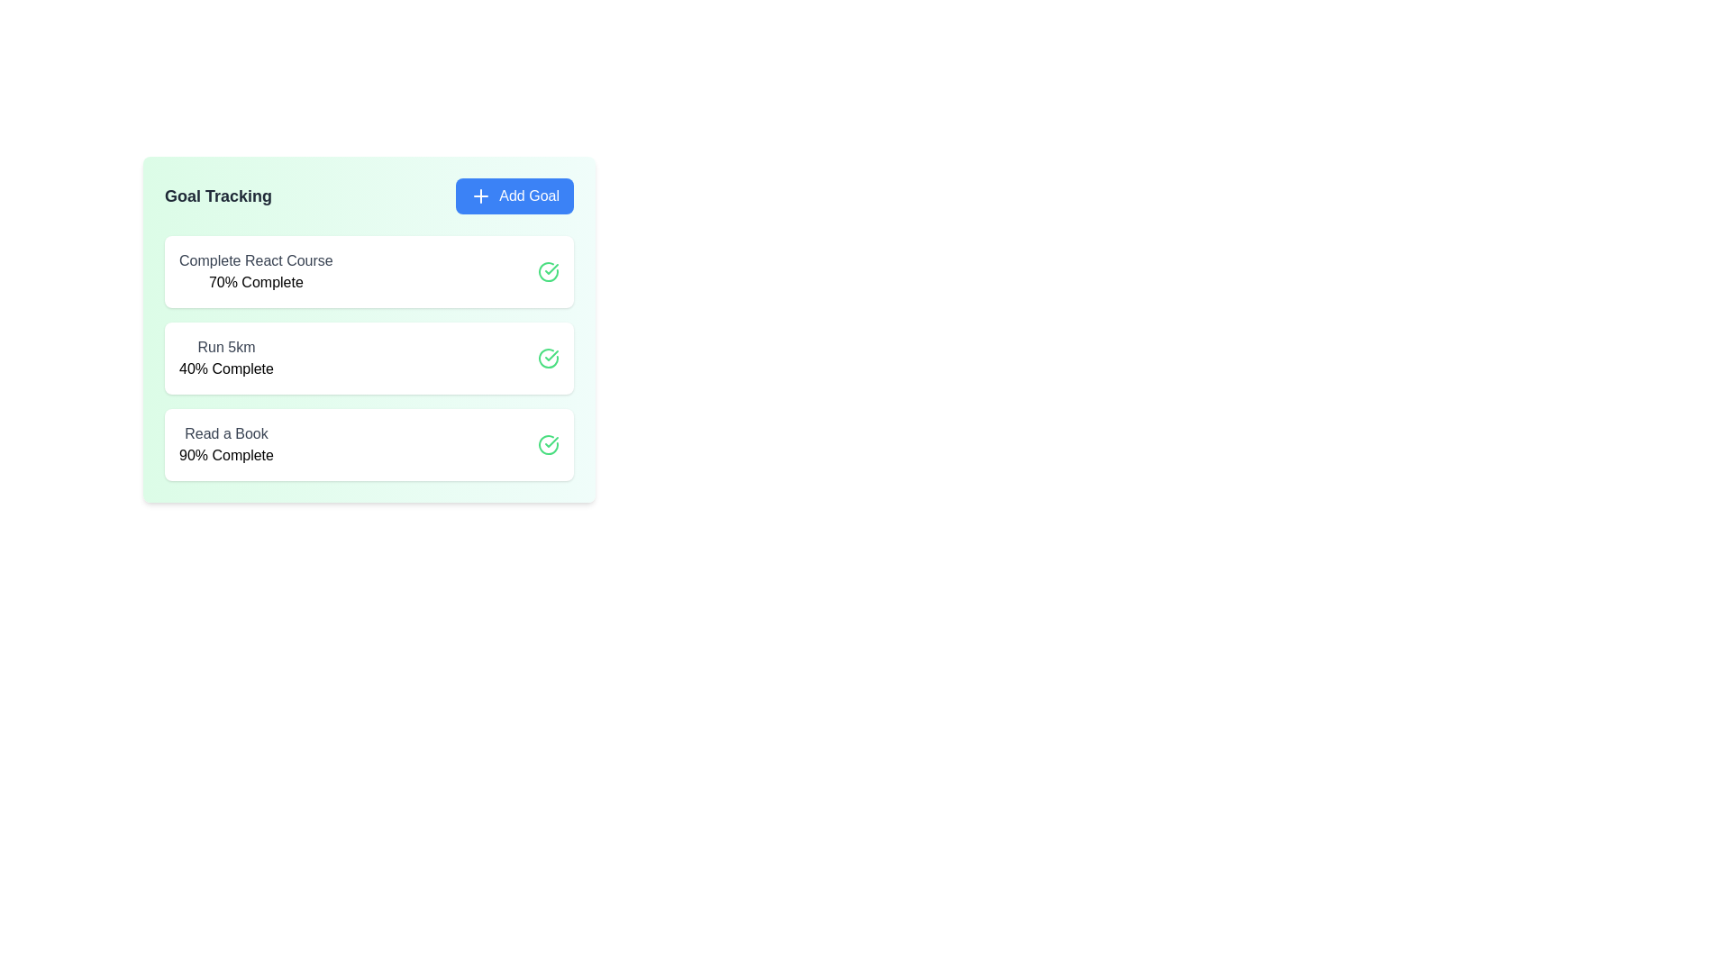  What do you see at coordinates (514, 196) in the screenshot?
I see `the 'Add Goal' button, which is a bright blue rectangular button with rounded corners, located at the top-right corner of the 'Goal Tracking' section` at bounding box center [514, 196].